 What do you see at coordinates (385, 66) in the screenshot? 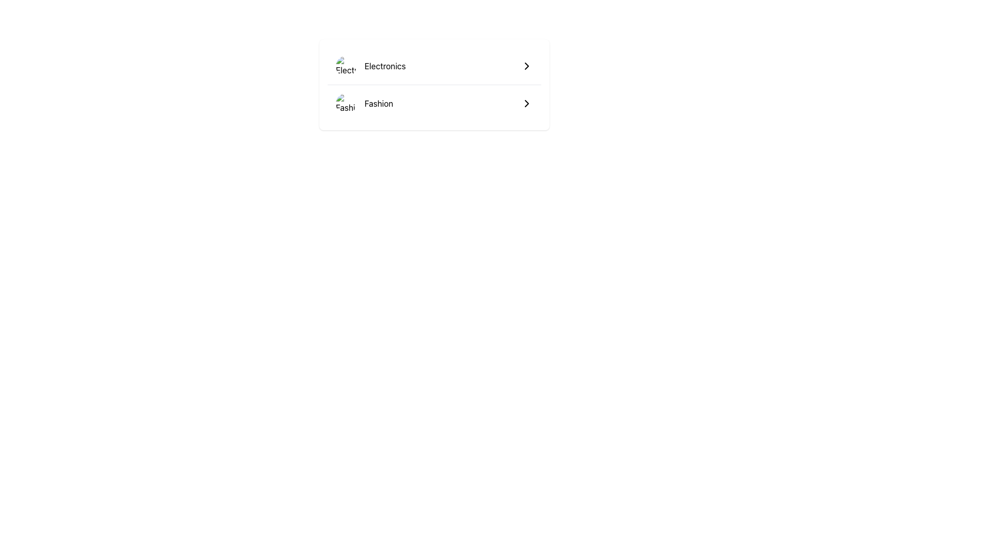
I see `text label displaying 'Electronics' which is positioned to the right of an icon in a horizontal row below the header section` at bounding box center [385, 66].